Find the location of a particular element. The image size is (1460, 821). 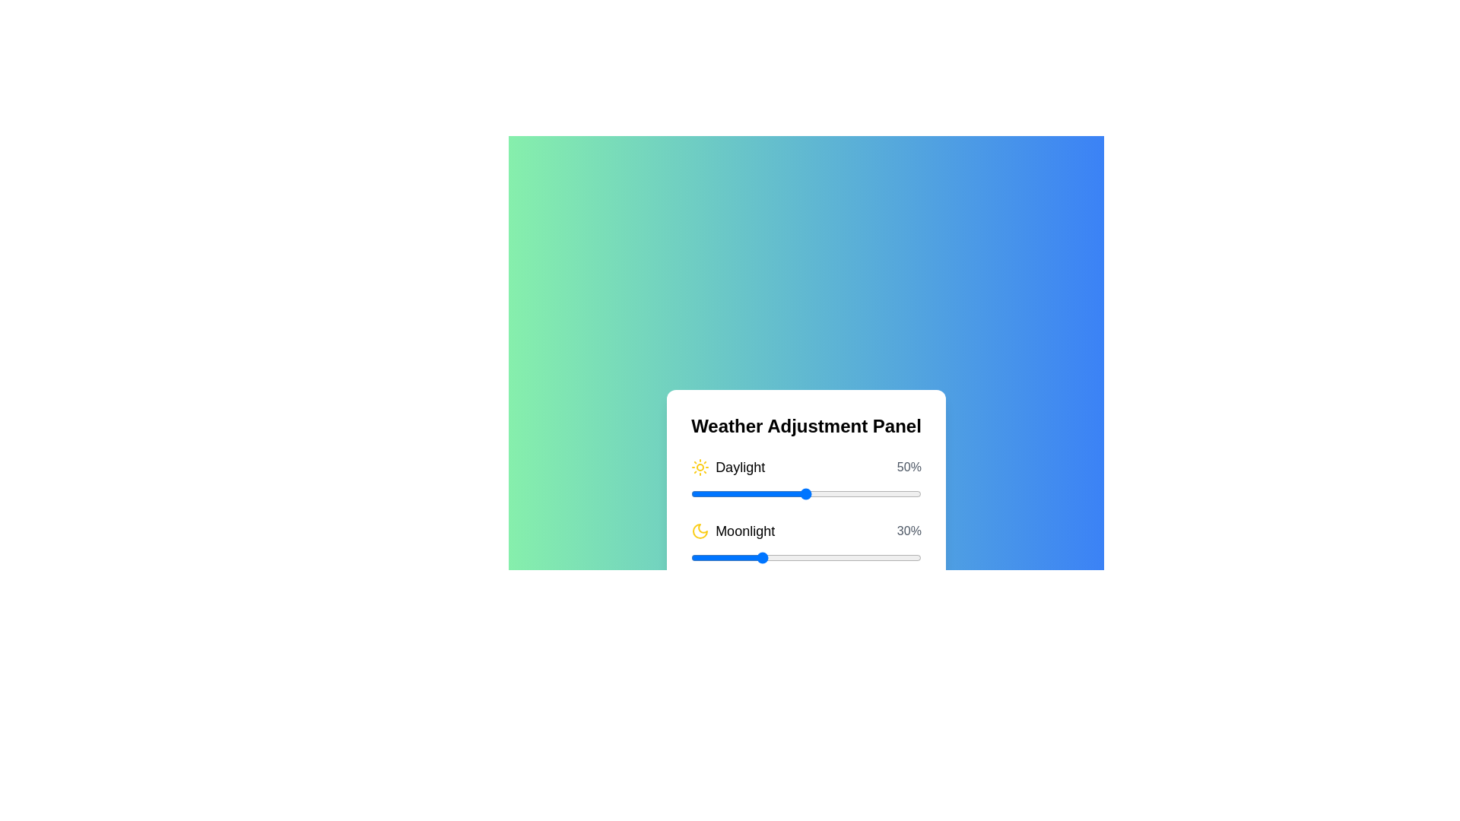

the Daylight slider to 88% is located at coordinates (893, 494).